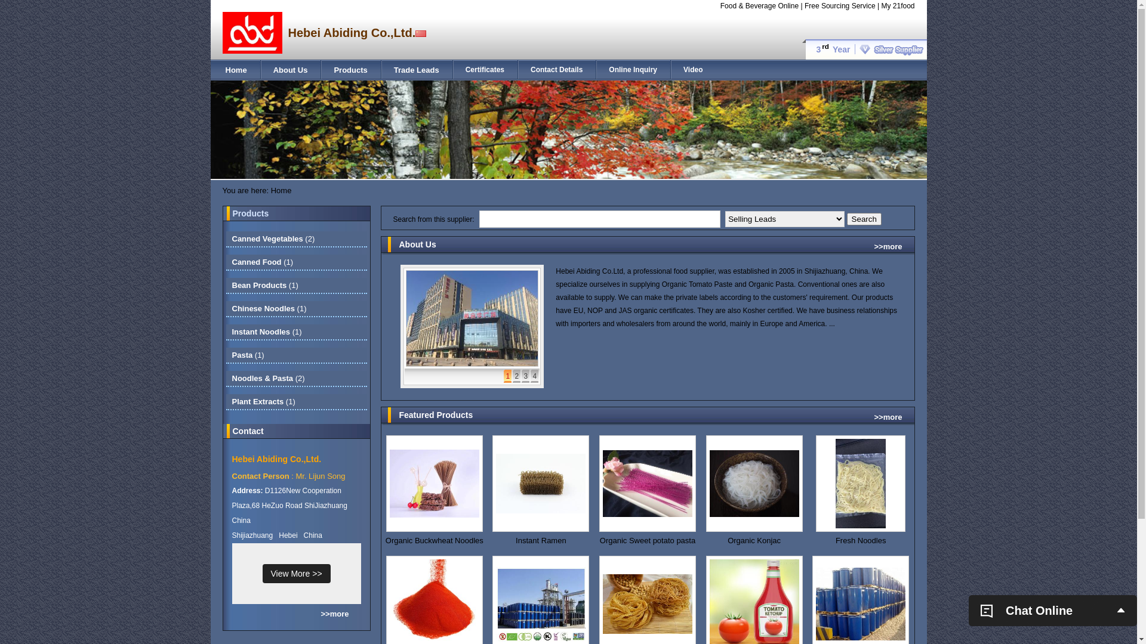 This screenshot has width=1146, height=644. Describe the element at coordinates (236, 70) in the screenshot. I see `'Home'` at that location.